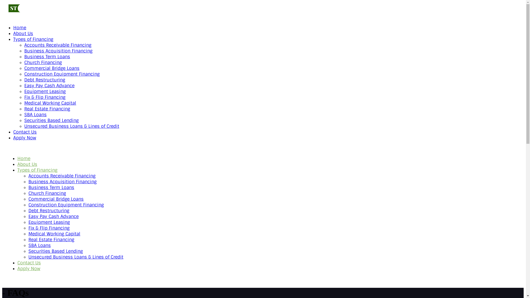 The image size is (530, 298). Describe the element at coordinates (20, 28) in the screenshot. I see `'Home'` at that location.